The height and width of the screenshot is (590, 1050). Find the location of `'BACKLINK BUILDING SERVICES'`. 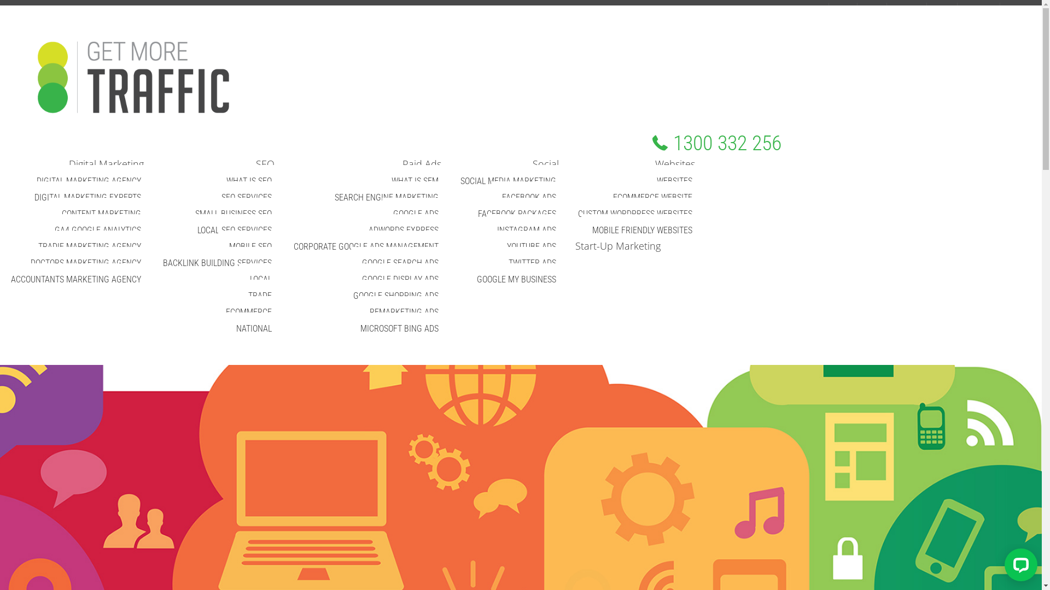

'BACKLINK BUILDING SERVICES' is located at coordinates (217, 263).